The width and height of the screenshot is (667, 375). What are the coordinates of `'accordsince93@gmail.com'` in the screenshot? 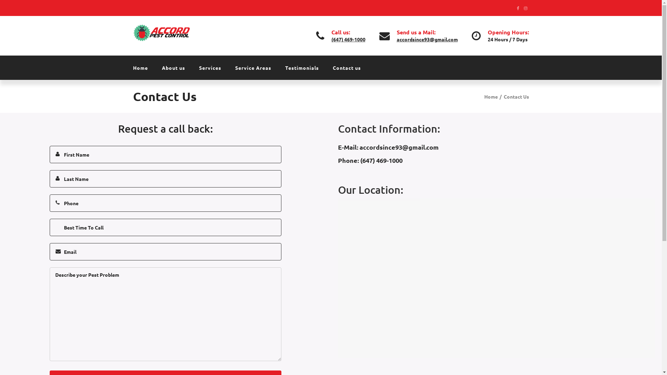 It's located at (427, 39).